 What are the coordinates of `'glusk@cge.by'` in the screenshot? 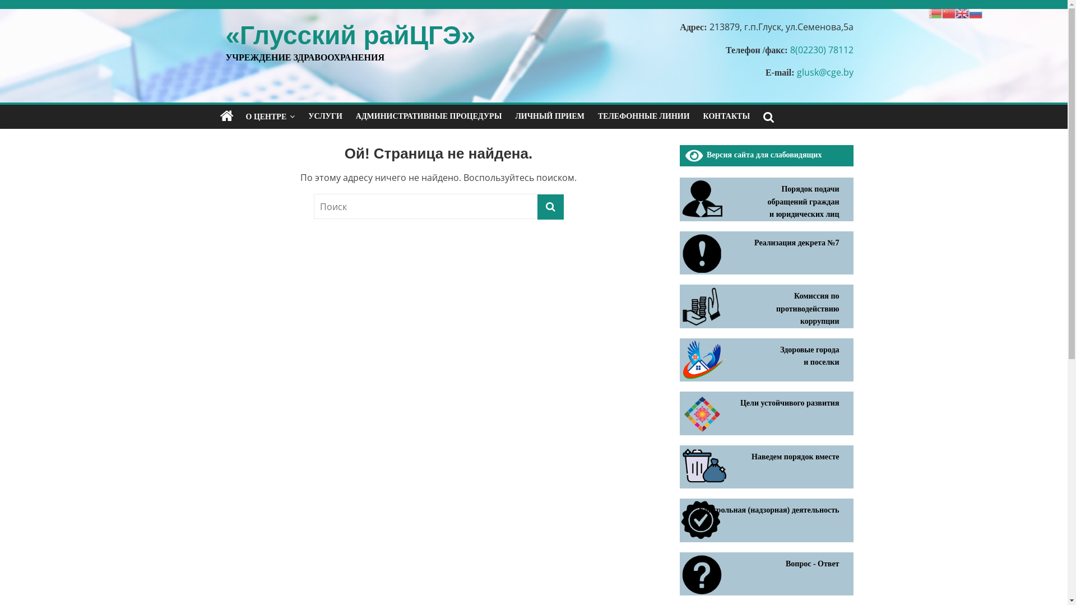 It's located at (825, 72).